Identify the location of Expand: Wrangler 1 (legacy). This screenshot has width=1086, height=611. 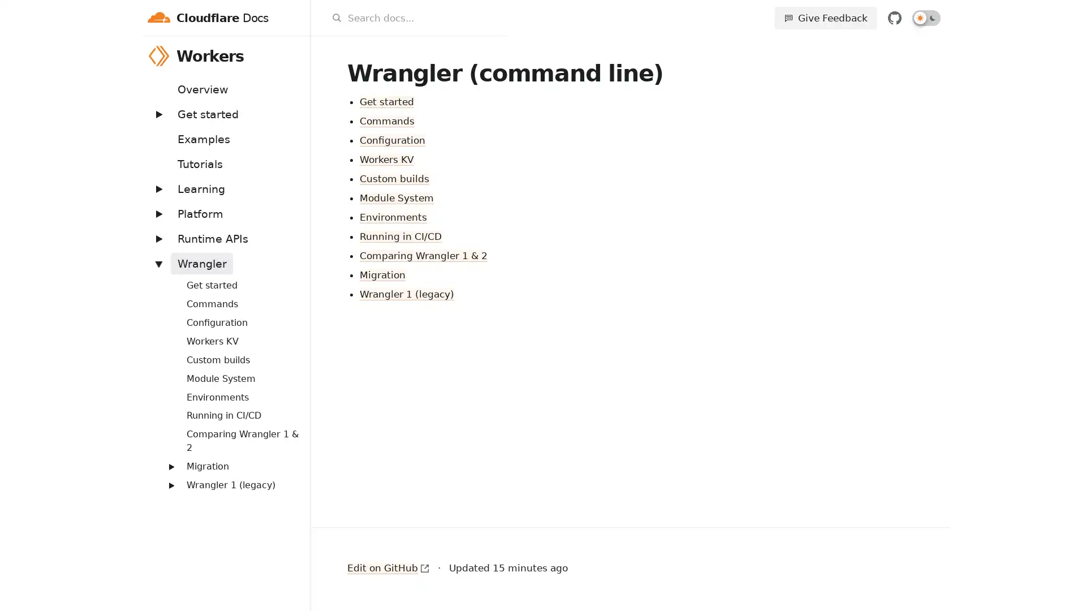
(170, 484).